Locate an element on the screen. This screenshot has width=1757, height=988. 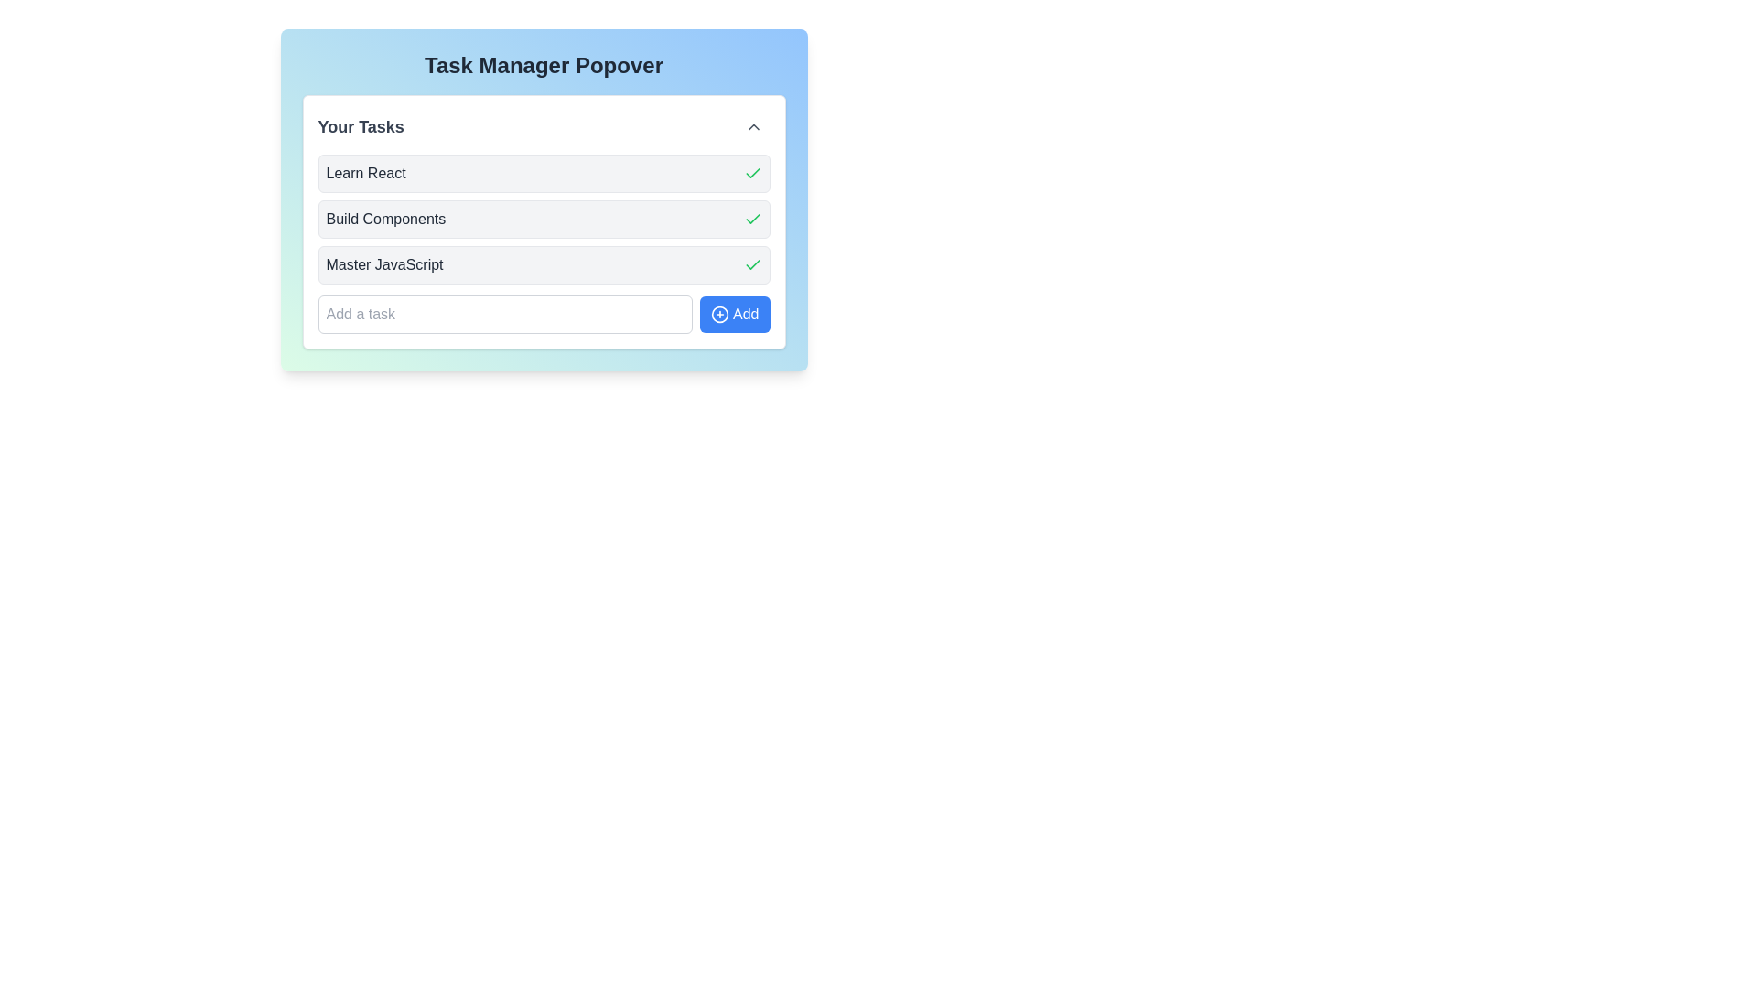
the green checkmark icon representing completion, which is aligned to the right of the 'Learn React' task is located at coordinates (752, 218).